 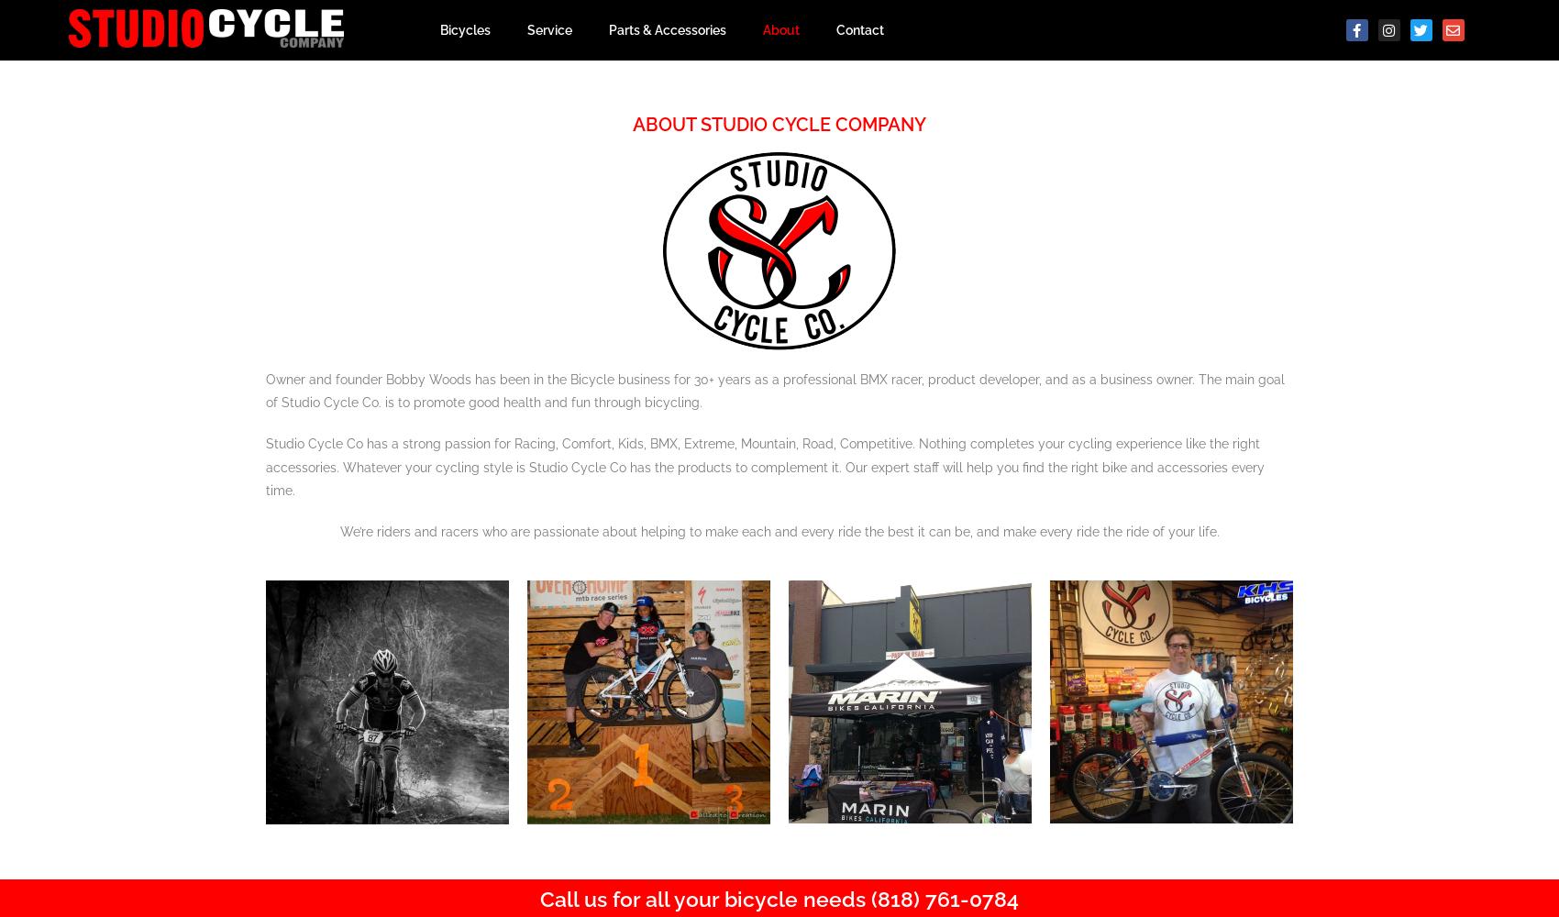 I want to click on 'Studio Cycle Co has a strong passion for Racing, Comfort, Kids, BMX, Extreme, Mountain, Road, Competitive. Nothing completes your cycling experience like the right accessories. Whatever your cycling style is Studio Cycle Co has the products to complement it. Our expert staff will help you find the right bike and accessories every time.', so click(x=764, y=467).